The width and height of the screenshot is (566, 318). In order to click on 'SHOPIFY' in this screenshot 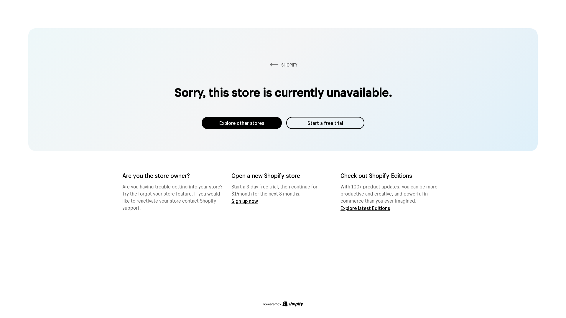, I will do `click(268, 65)`.